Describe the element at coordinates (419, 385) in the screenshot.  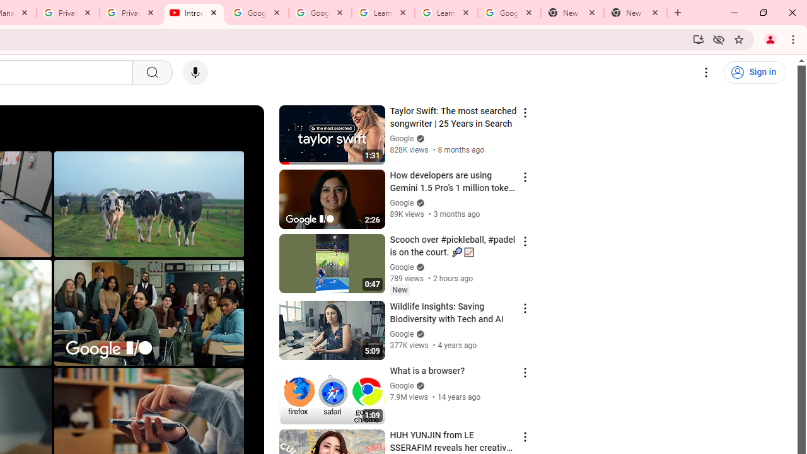
I see `'Verified'` at that location.